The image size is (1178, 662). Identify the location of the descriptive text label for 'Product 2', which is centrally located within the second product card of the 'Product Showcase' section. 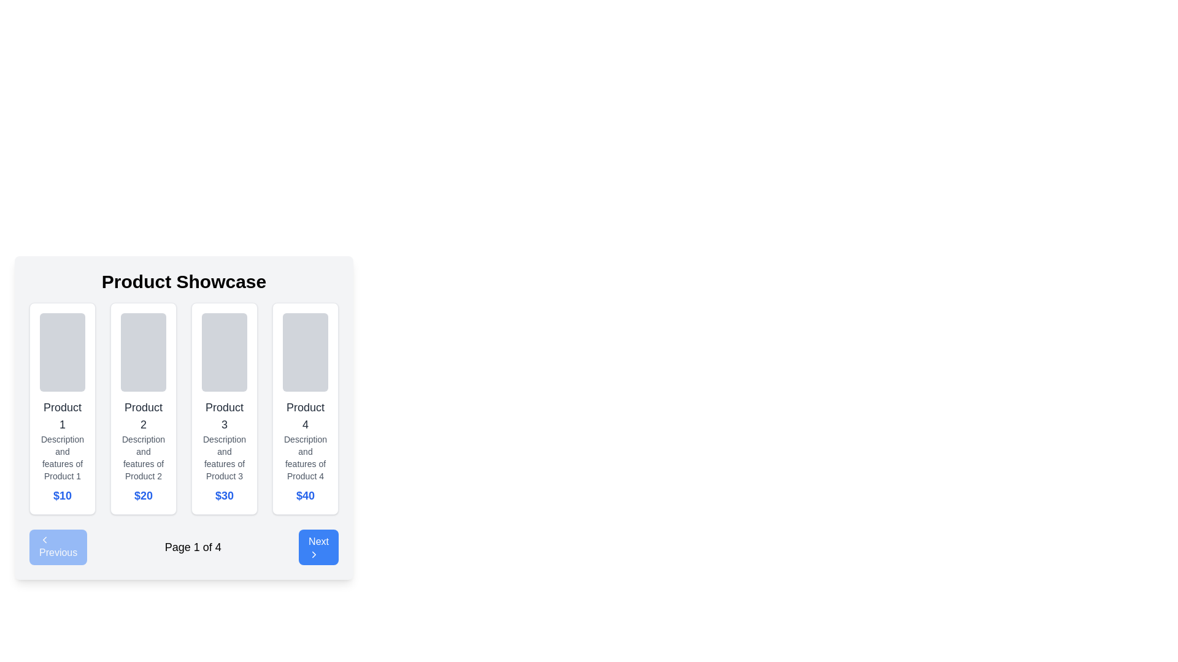
(144, 458).